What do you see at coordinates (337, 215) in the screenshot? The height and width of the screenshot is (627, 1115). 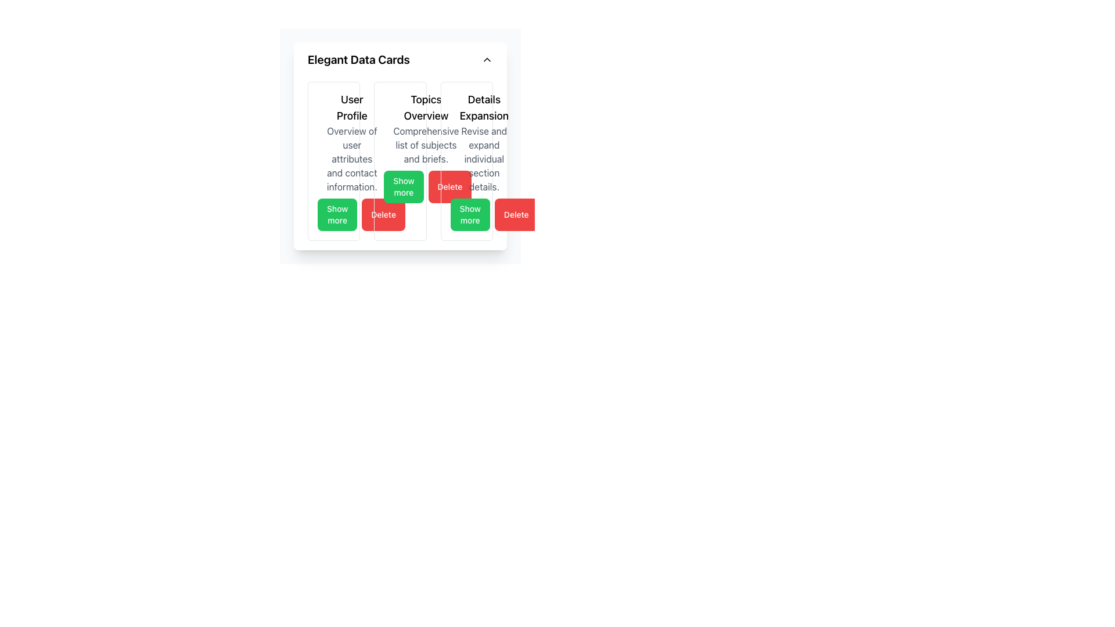 I see `the 'Show more' button located at the far left of the action buttons in the 'User Profile' card` at bounding box center [337, 215].